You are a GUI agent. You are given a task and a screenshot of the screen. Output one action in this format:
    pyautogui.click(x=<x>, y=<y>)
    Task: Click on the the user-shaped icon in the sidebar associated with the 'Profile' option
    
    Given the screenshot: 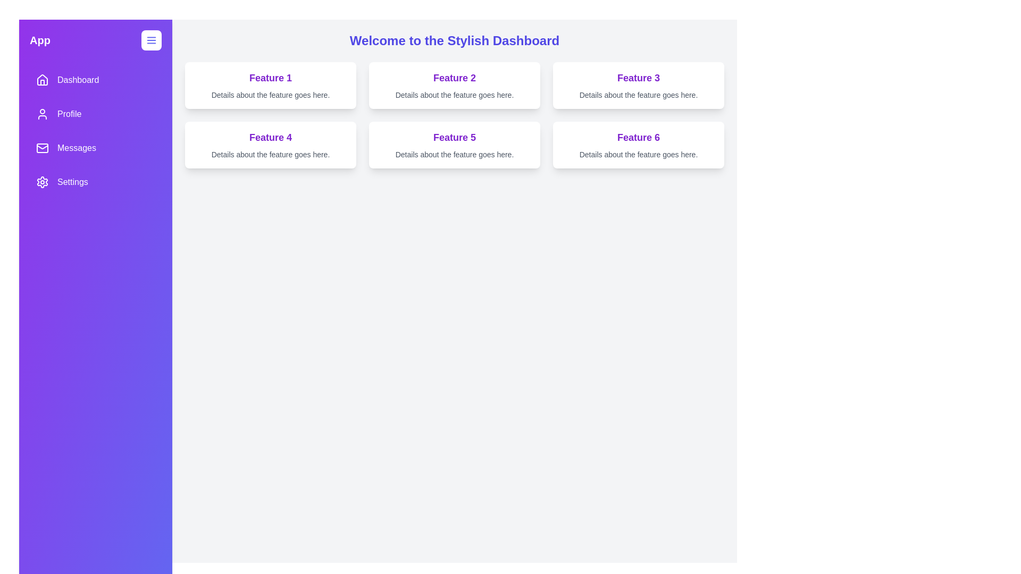 What is the action you would take?
    pyautogui.click(x=43, y=114)
    